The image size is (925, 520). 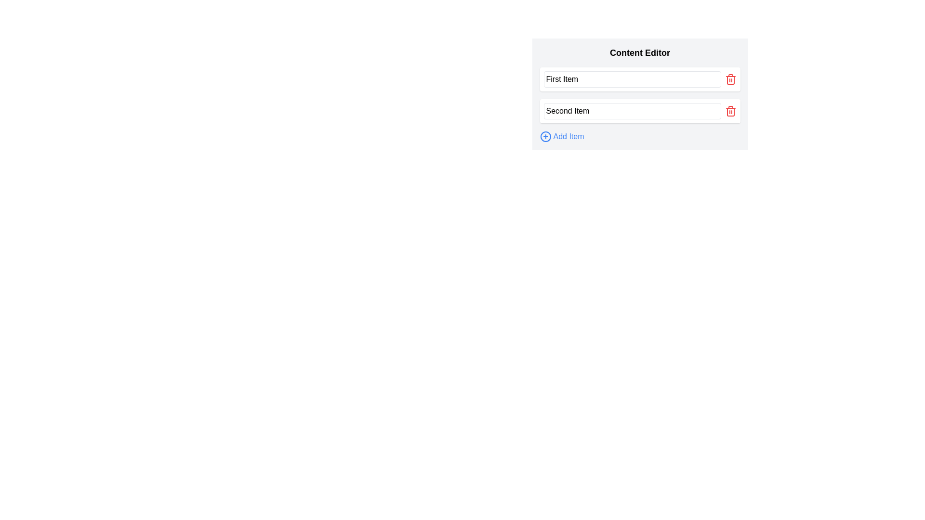 I want to click on the bold header titled 'Content Editor', which is styled with a large font size and located at the top of the content area, so click(x=640, y=53).